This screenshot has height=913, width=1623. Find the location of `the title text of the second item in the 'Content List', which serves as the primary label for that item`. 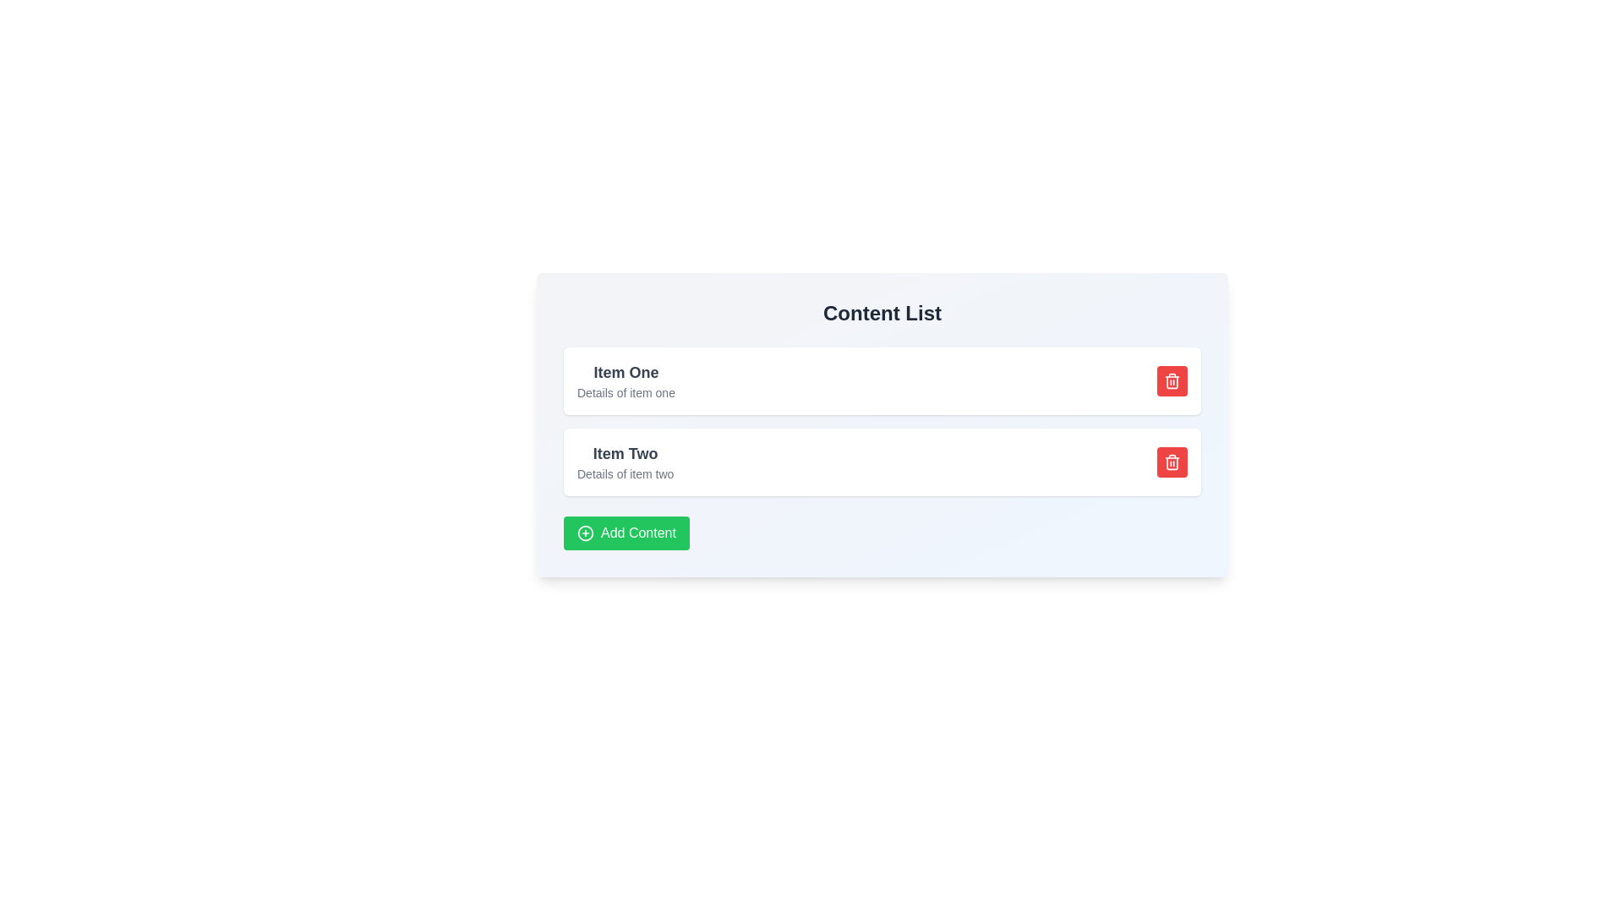

the title text of the second item in the 'Content List', which serves as the primary label for that item is located at coordinates (625, 452).